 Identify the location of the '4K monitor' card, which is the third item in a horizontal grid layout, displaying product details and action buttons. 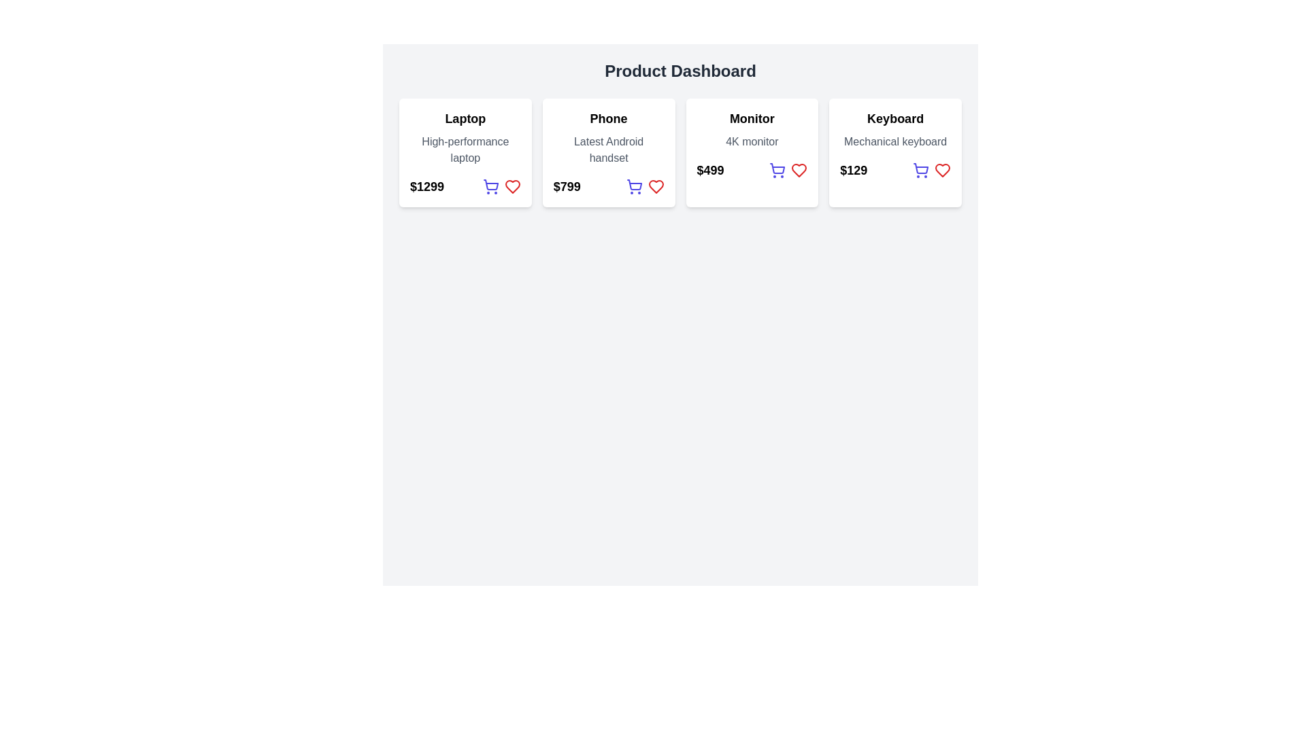
(751, 152).